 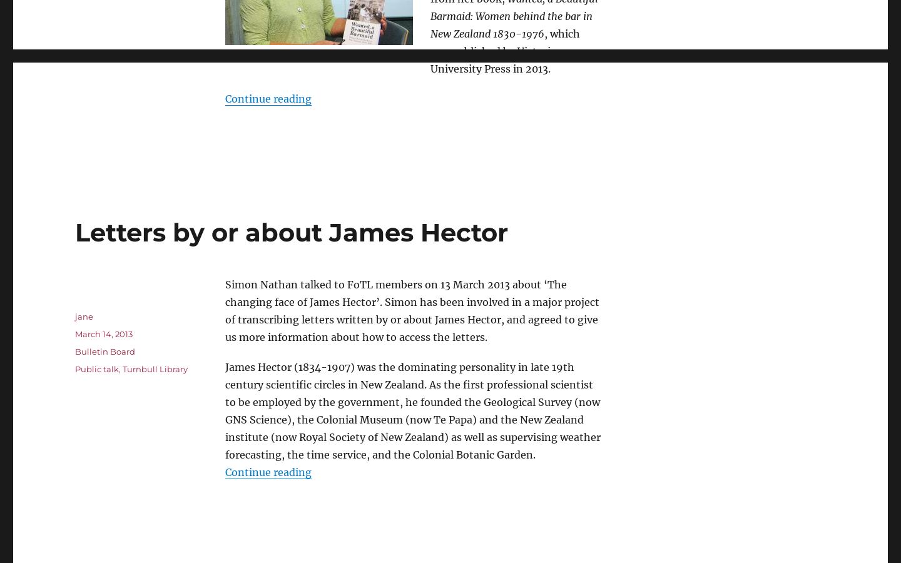 What do you see at coordinates (83, 315) in the screenshot?
I see `'jane'` at bounding box center [83, 315].